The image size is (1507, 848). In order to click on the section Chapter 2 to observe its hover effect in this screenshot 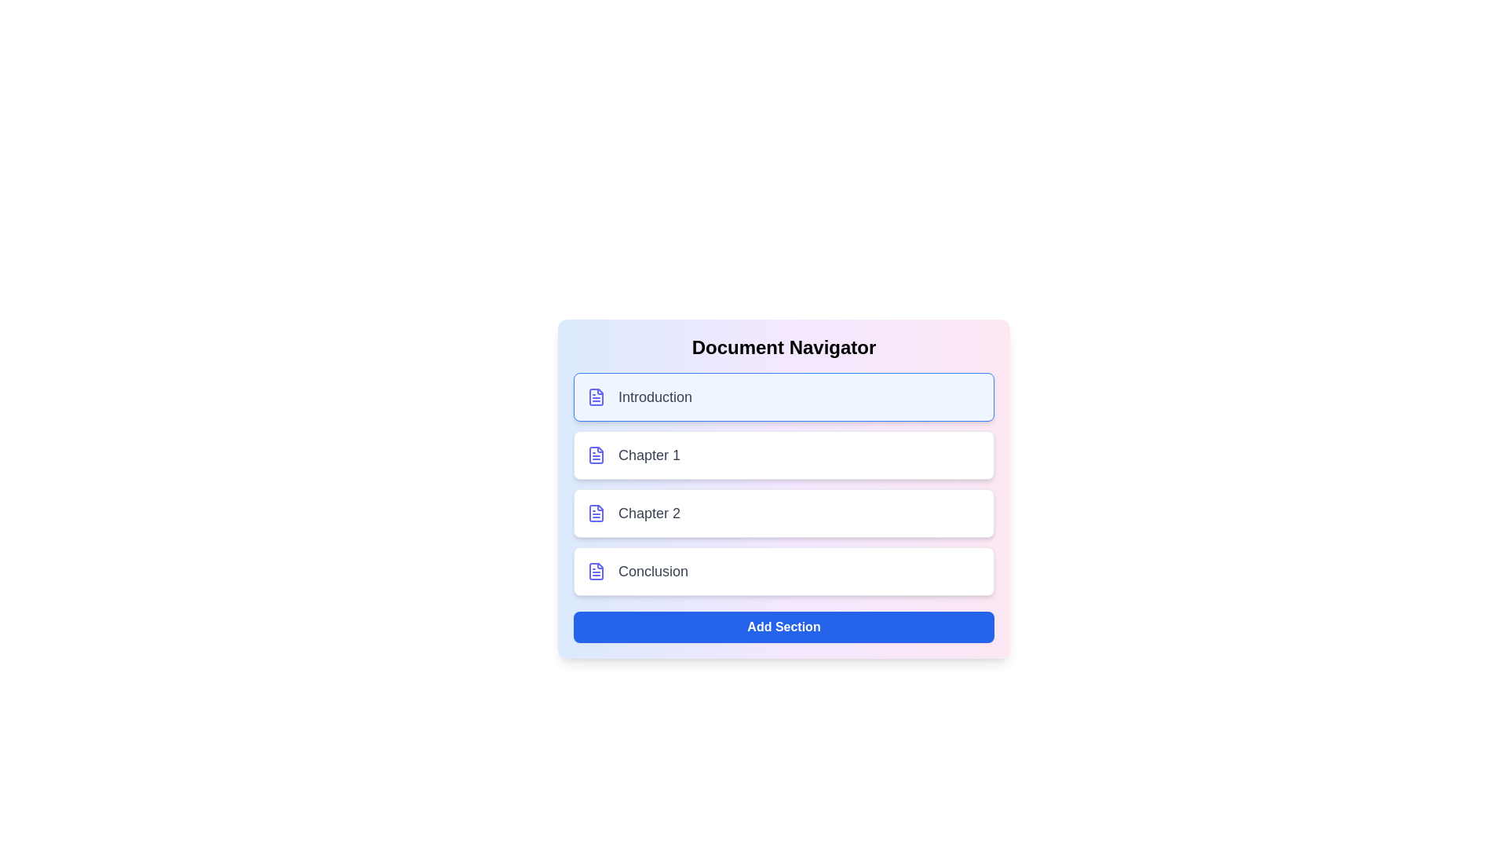, I will do `click(783, 514)`.